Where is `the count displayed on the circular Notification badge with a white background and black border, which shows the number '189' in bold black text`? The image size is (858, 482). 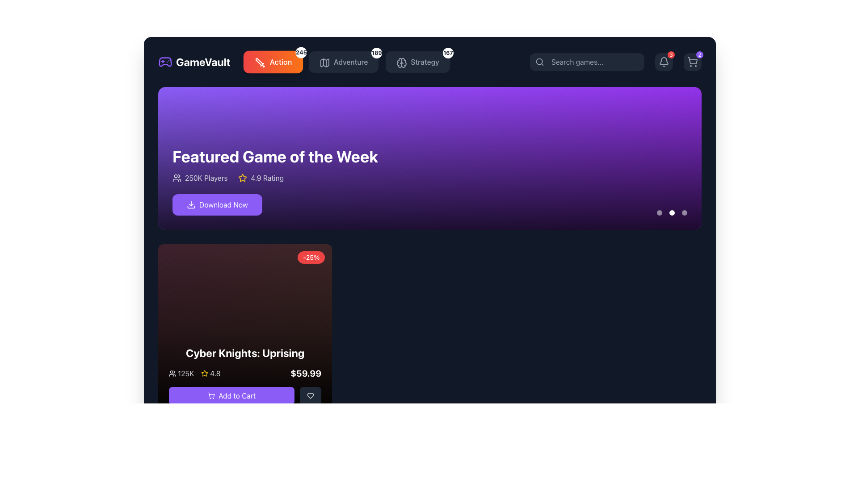 the count displayed on the circular Notification badge with a white background and black border, which shows the number '189' in bold black text is located at coordinates (377, 53).